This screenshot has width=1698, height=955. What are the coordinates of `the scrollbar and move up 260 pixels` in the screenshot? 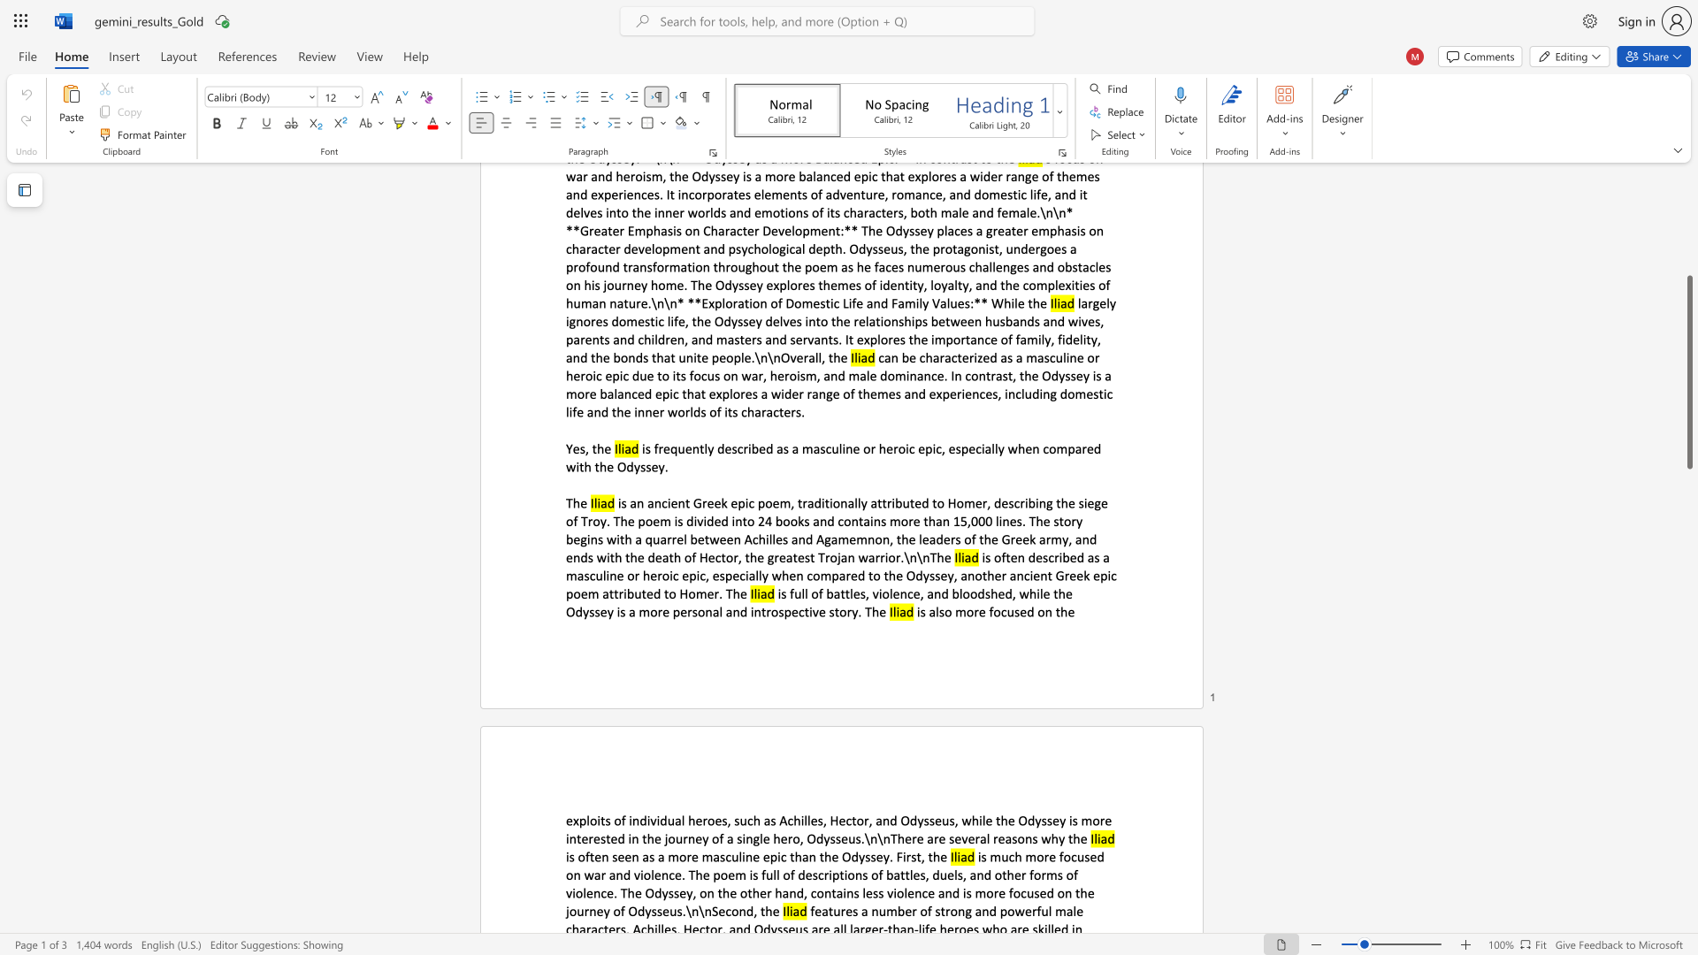 It's located at (1688, 371).